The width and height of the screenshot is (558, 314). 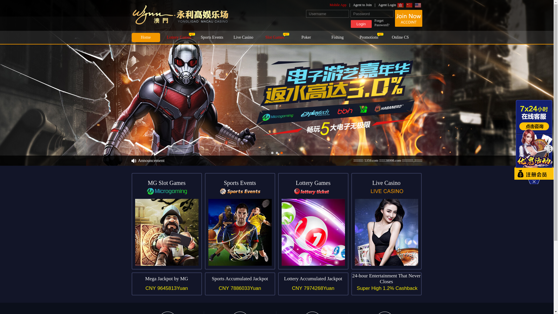 What do you see at coordinates (145, 37) in the screenshot?
I see `'Home'` at bounding box center [145, 37].